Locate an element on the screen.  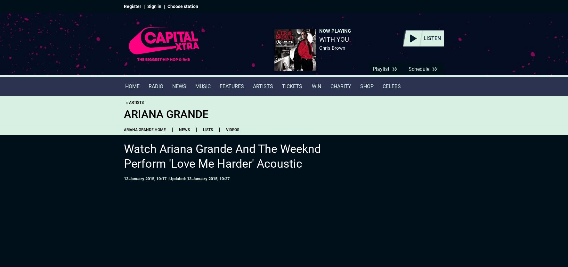
'Sign in' is located at coordinates (154, 6).